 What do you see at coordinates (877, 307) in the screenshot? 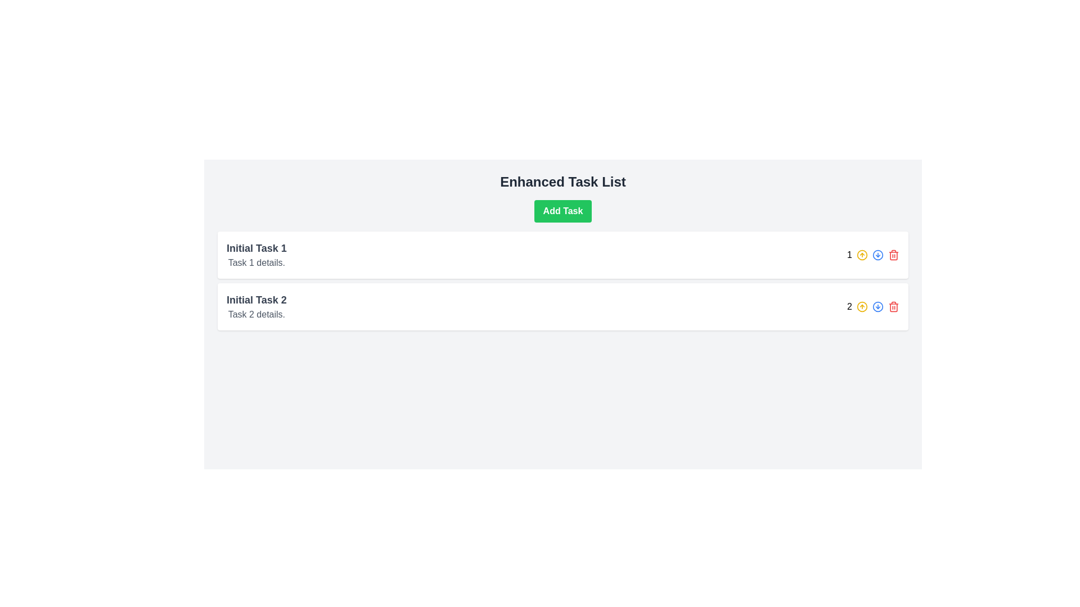
I see `the circular button with a downward arrow, which is located in the second row of the task list towards the far right, following the numeric label '2' and other control buttons` at bounding box center [877, 307].